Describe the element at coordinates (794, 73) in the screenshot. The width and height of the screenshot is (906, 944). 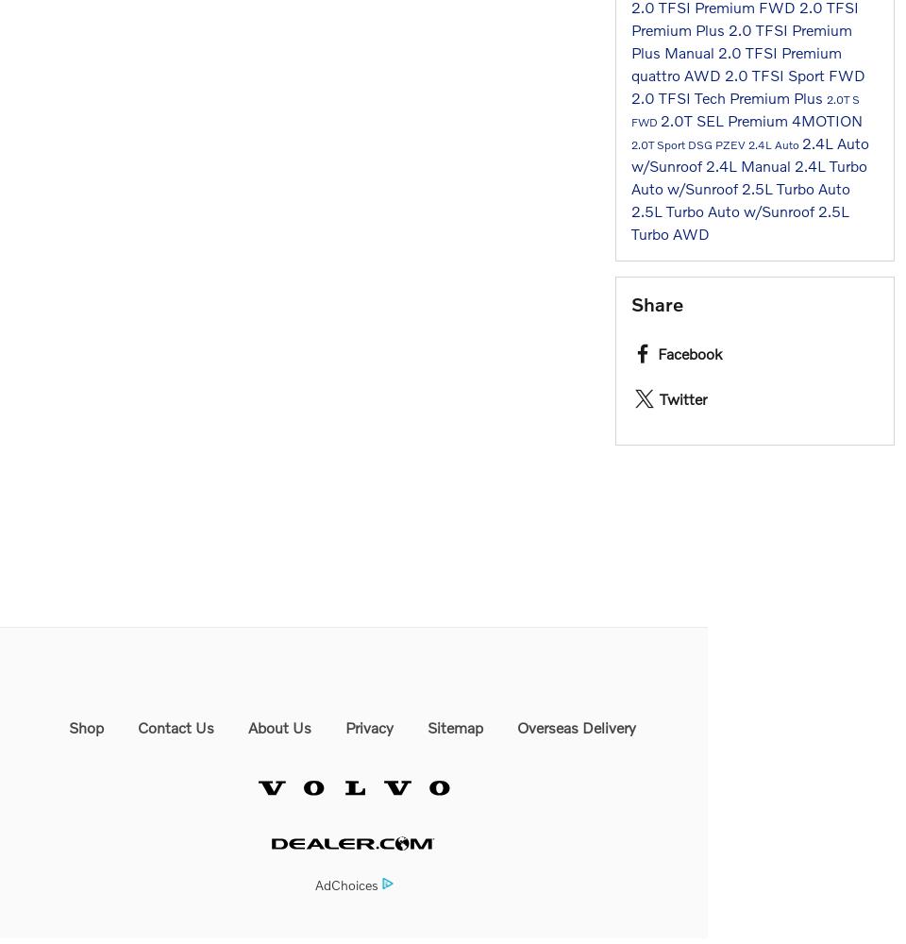
I see `'2.0 TFSI Sport FWD'` at that location.